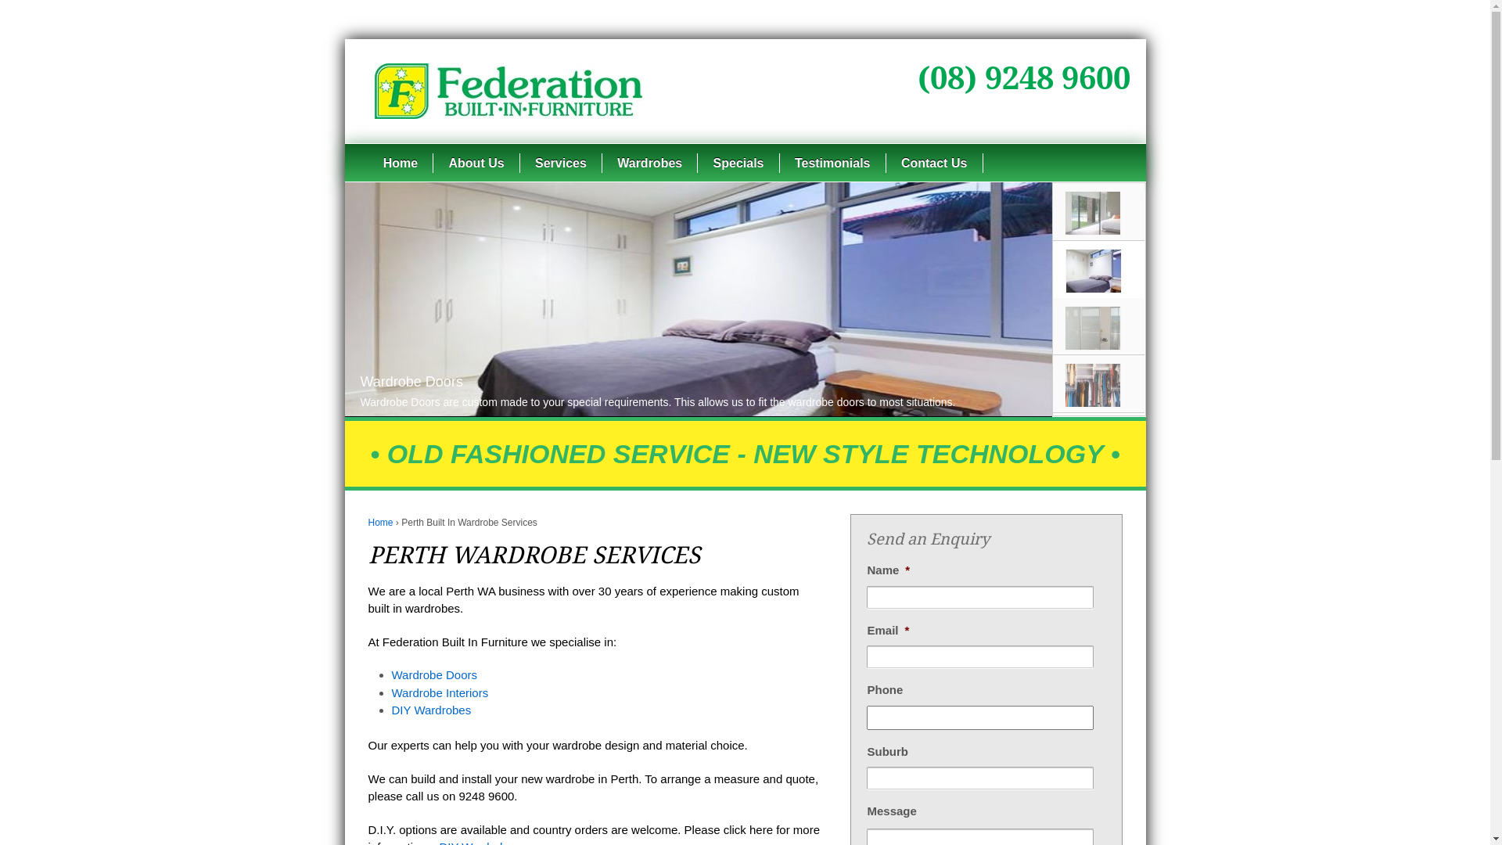 This screenshot has height=845, width=1502. Describe the element at coordinates (433, 674) in the screenshot. I see `'Wardrobe Doors'` at that location.